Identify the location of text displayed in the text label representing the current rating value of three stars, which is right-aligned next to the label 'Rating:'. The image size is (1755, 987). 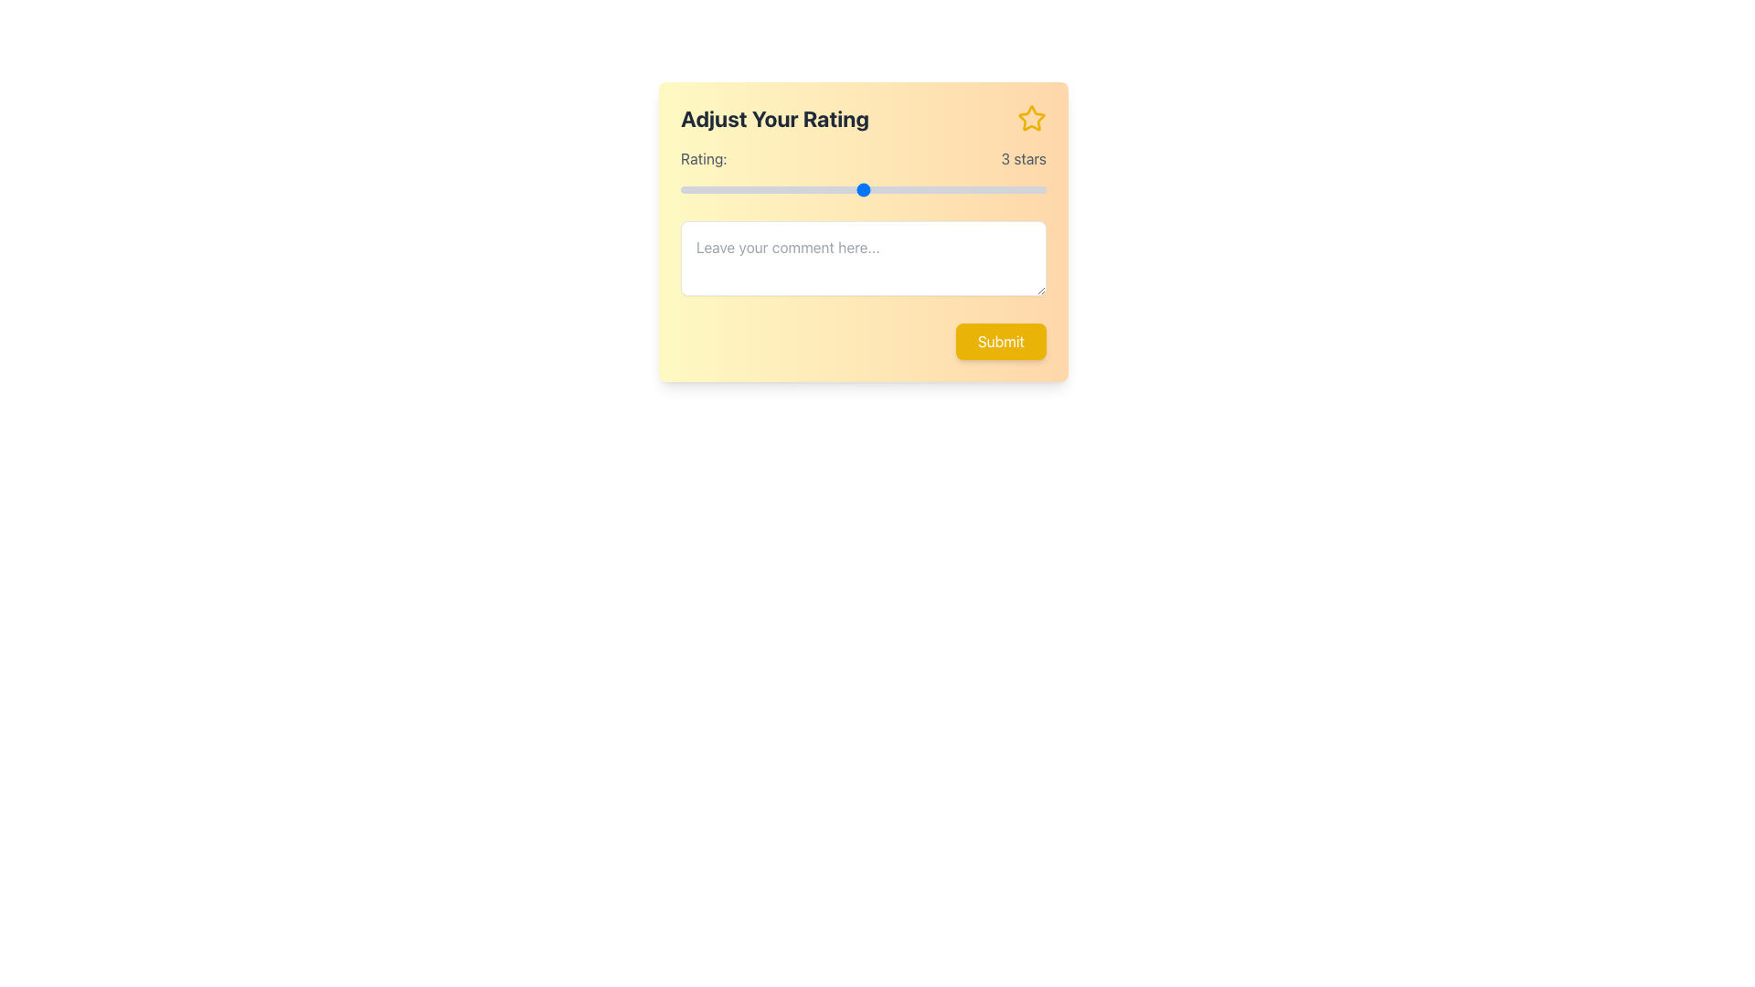
(1024, 157).